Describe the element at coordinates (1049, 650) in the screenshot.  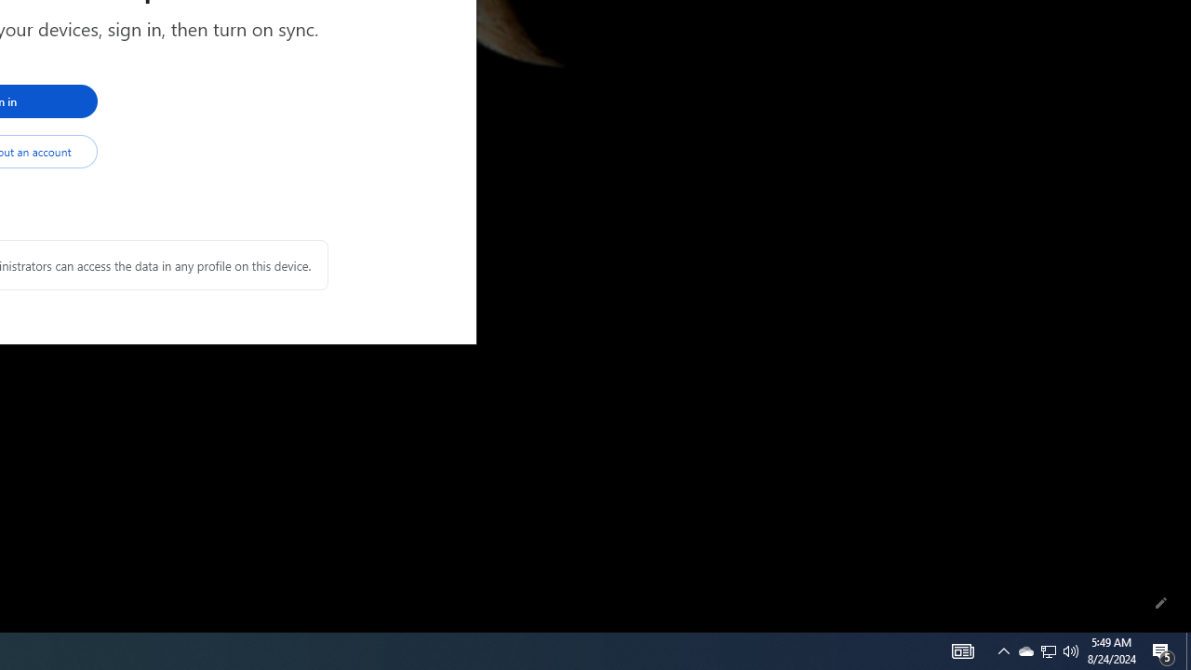
I see `'Q2790: 100%'` at that location.